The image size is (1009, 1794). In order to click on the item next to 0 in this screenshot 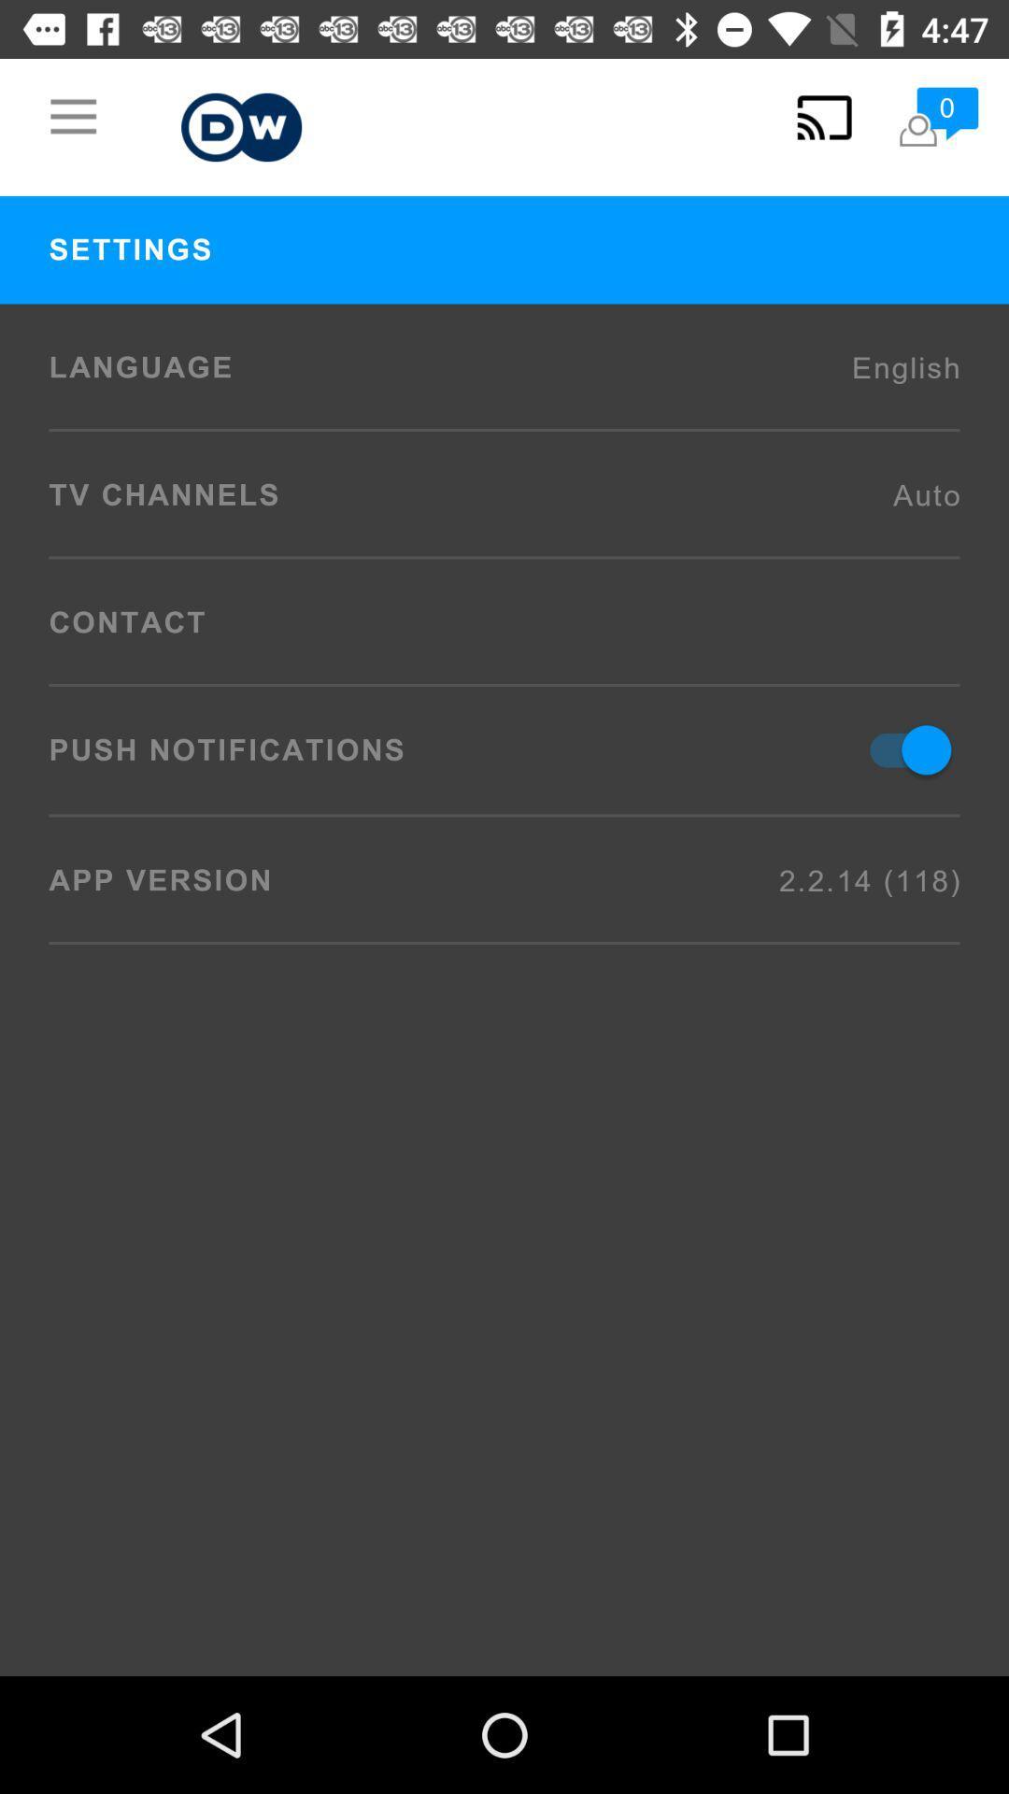, I will do `click(823, 116)`.